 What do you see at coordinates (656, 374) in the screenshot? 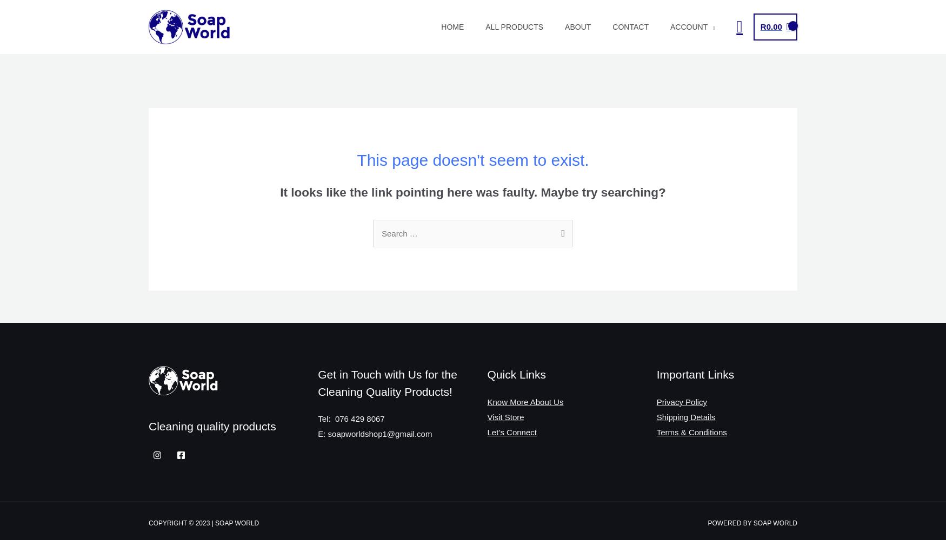
I see `'Important Links'` at bounding box center [656, 374].